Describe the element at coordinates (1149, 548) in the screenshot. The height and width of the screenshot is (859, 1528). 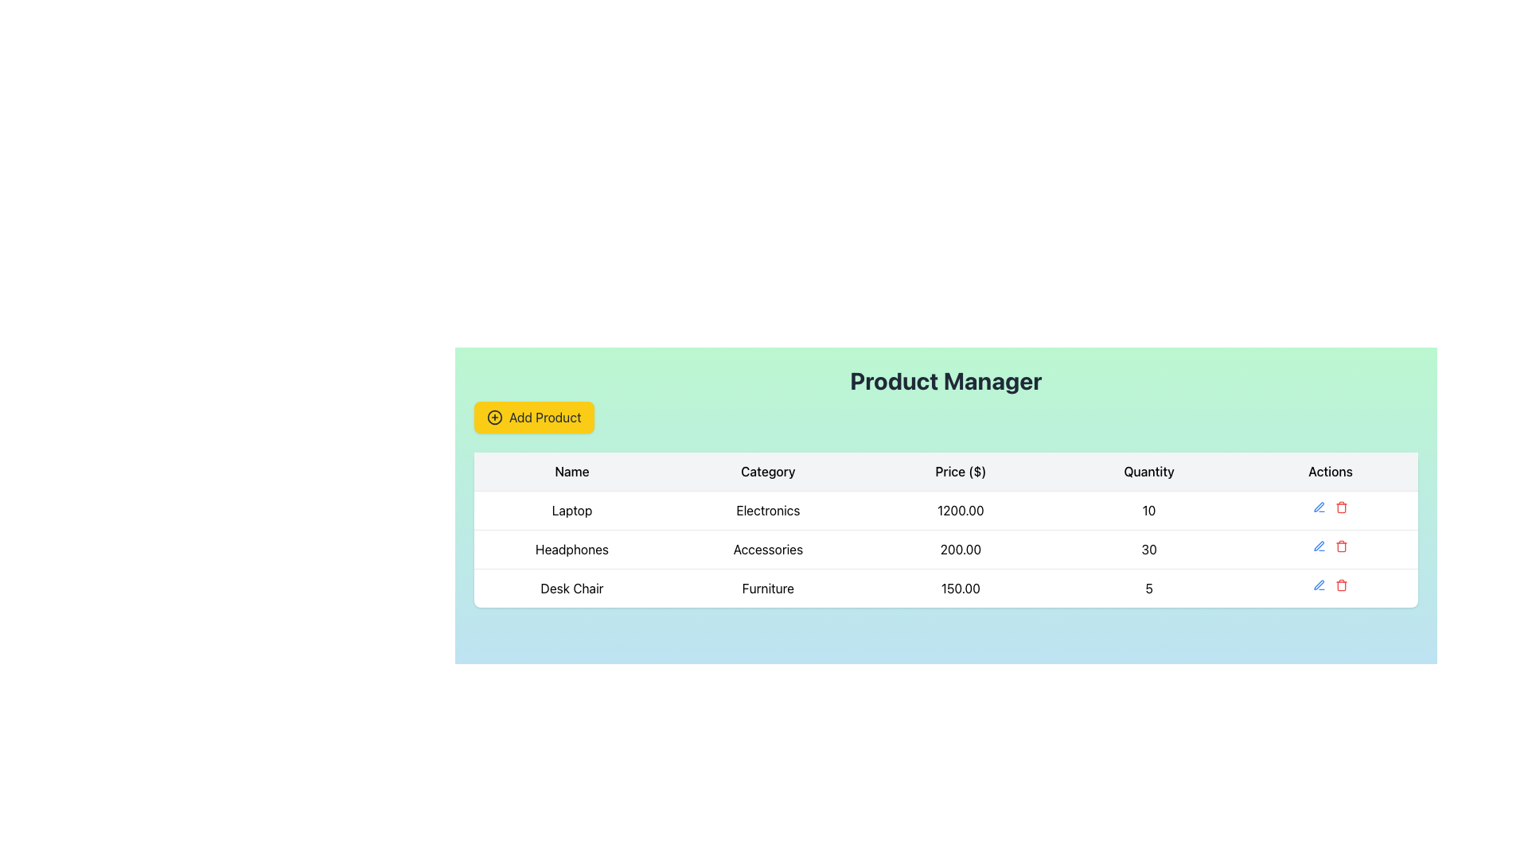
I see `the text element displaying '30' in the 'Quantity' column of the table, located in the fourth column of the second row` at that location.